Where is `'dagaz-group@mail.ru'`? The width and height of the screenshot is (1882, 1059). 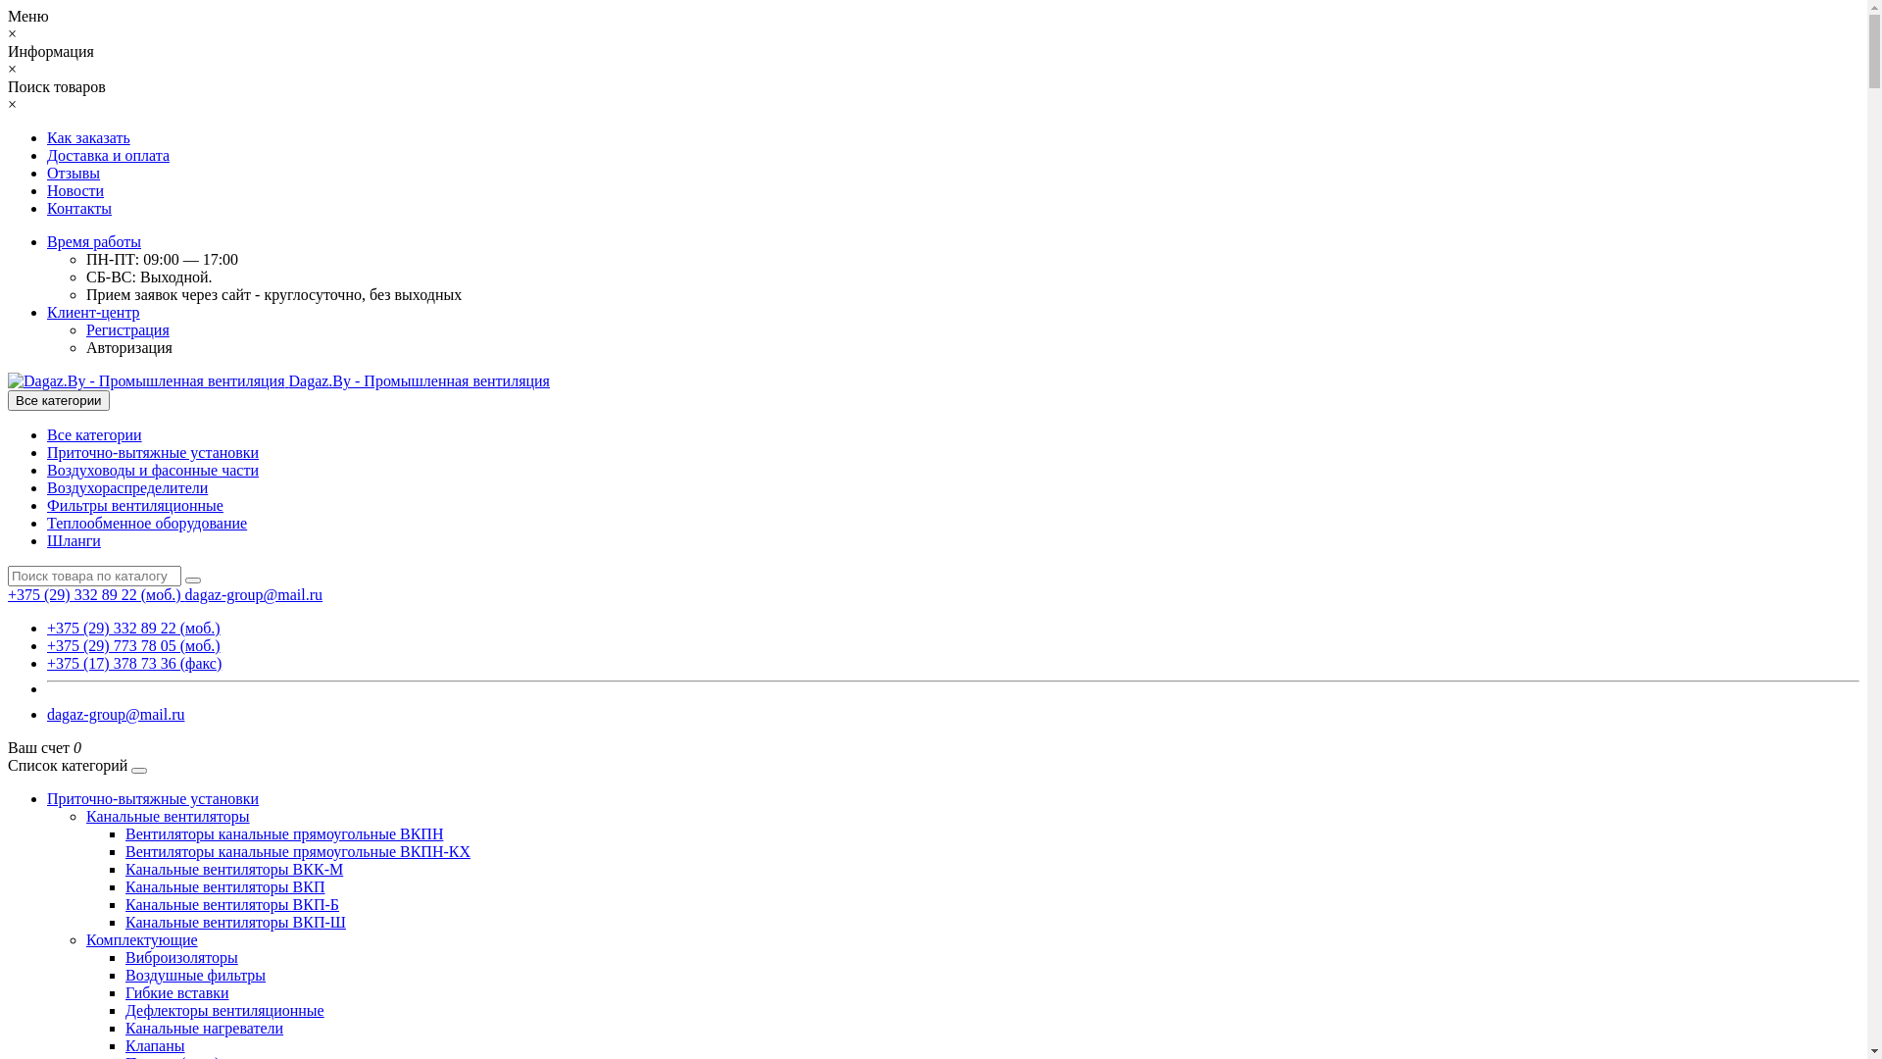
'dagaz-group@mail.ru' is located at coordinates (47, 714).